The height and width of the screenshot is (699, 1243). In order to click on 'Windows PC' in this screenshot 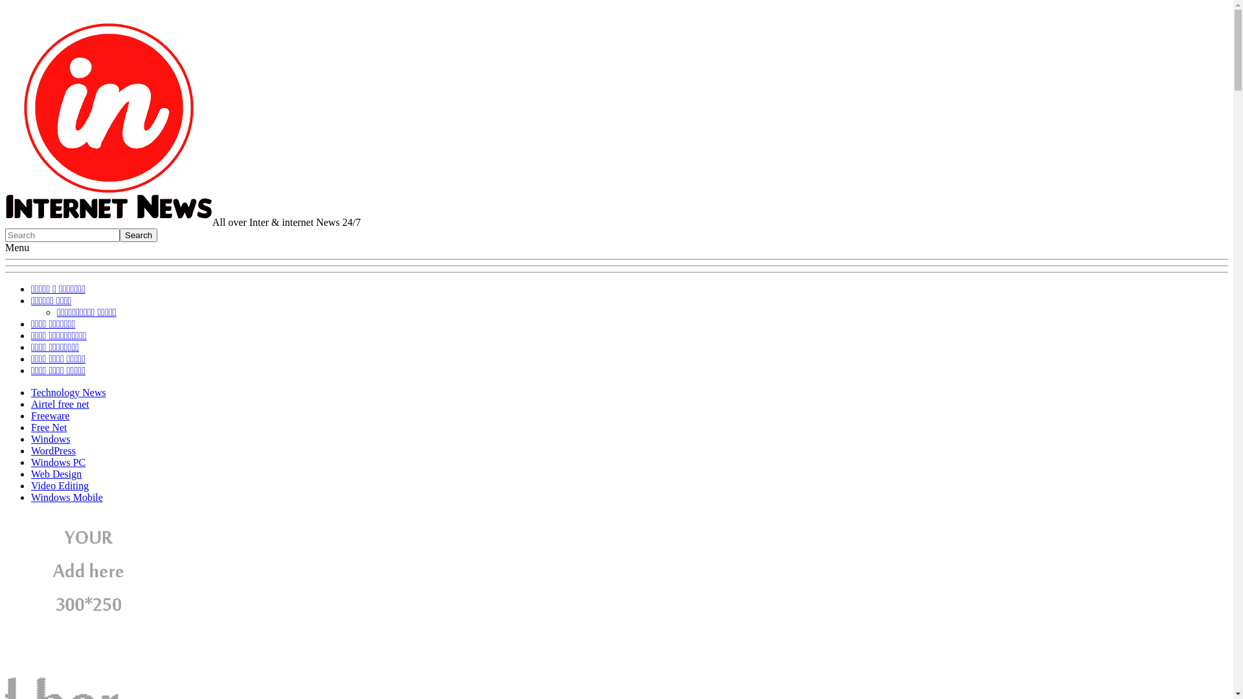, I will do `click(58, 461)`.